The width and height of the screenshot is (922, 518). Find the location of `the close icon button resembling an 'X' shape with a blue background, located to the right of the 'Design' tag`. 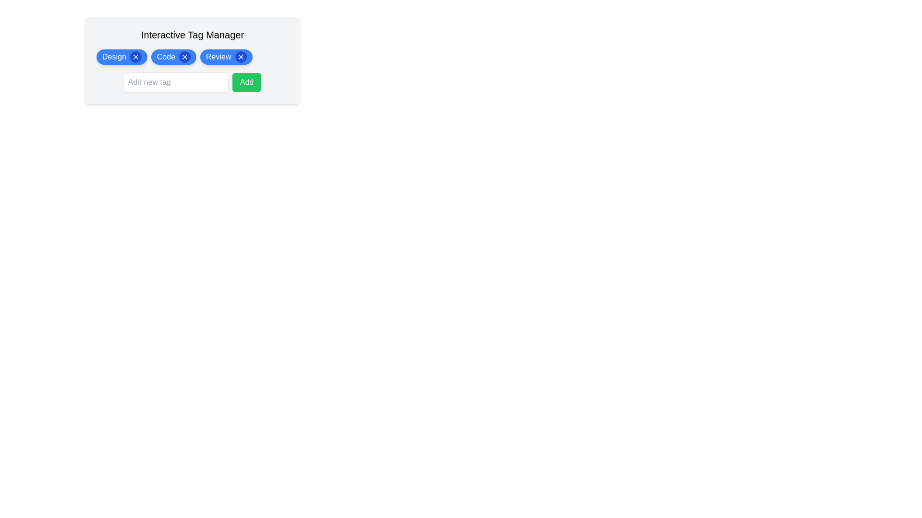

the close icon button resembling an 'X' shape with a blue background, located to the right of the 'Design' tag is located at coordinates (135, 57).